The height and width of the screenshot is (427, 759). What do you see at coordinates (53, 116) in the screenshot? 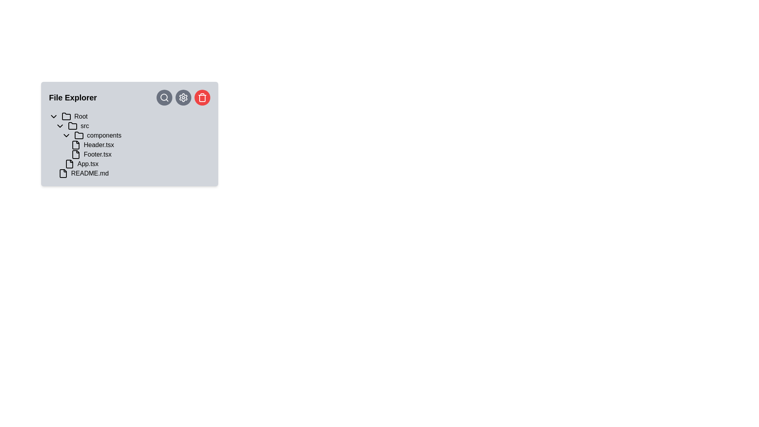
I see `the downward-pointing chevron icon located to the left of the 'Root' label for visual feedback` at bounding box center [53, 116].